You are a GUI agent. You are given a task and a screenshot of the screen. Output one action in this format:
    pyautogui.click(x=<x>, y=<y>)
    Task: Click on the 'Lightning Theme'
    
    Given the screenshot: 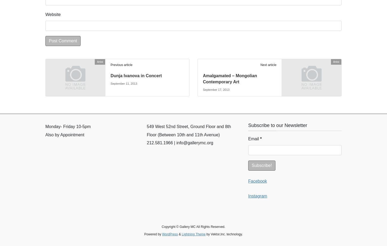 What is the action you would take?
    pyautogui.click(x=194, y=234)
    